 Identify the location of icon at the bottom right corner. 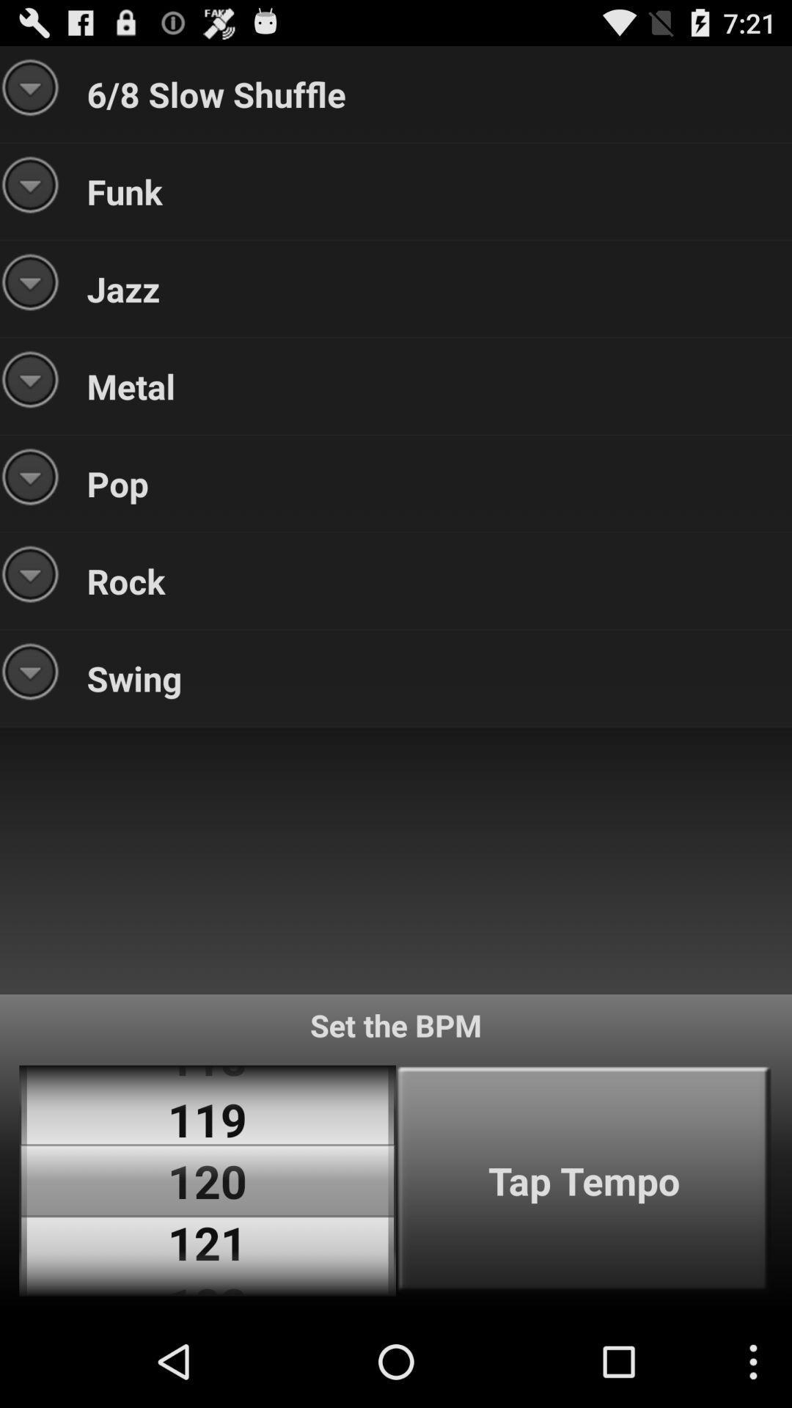
(583, 1181).